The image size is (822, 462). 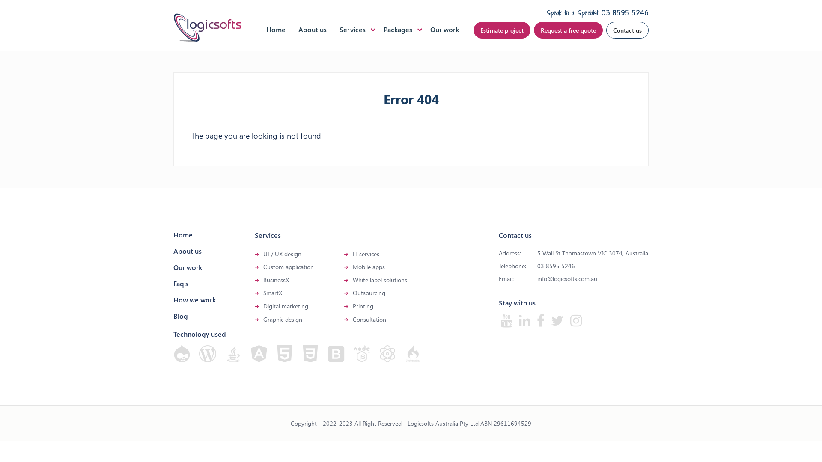 I want to click on 'Consultation', so click(x=369, y=319).